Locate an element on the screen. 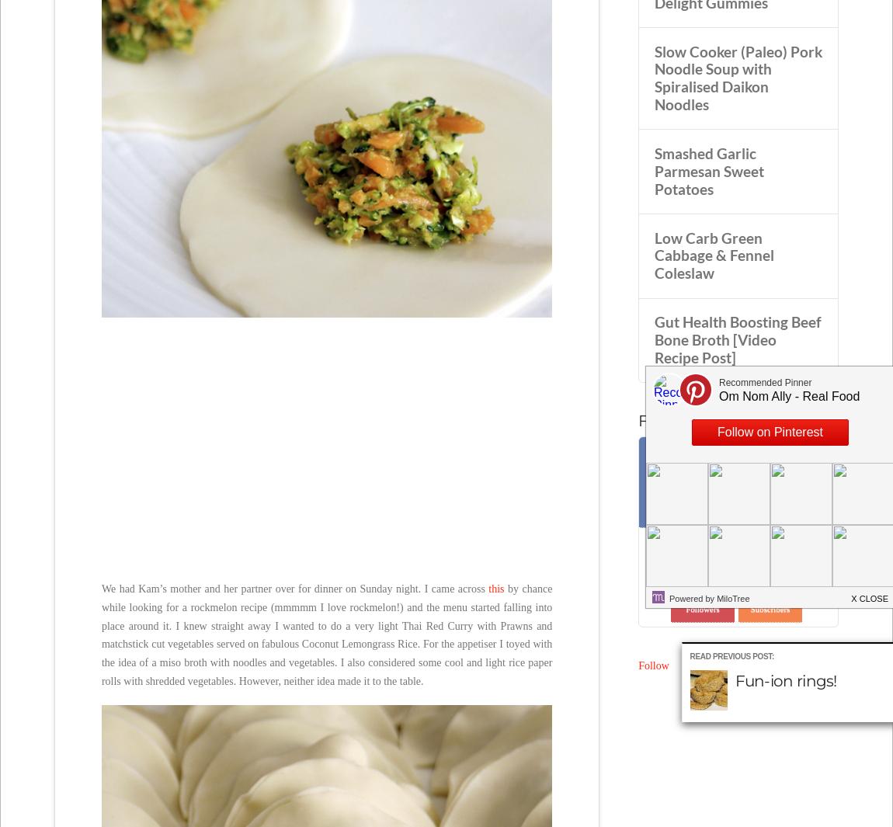 The height and width of the screenshot is (827, 893). 'Smashed Garlic Parmesan Sweet Potatoes' is located at coordinates (708, 170).